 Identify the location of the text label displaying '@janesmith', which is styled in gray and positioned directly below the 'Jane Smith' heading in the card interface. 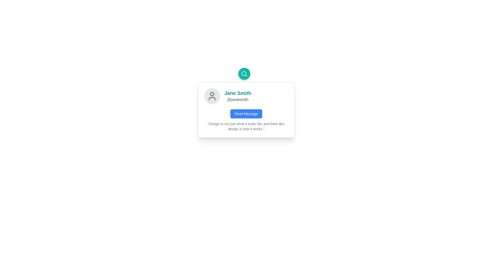
(237, 100).